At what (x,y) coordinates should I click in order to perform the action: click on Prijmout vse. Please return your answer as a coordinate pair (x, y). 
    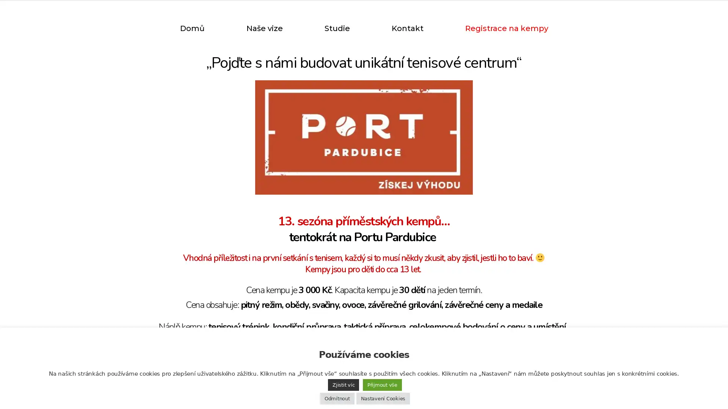
    Looking at the image, I should click on (382, 385).